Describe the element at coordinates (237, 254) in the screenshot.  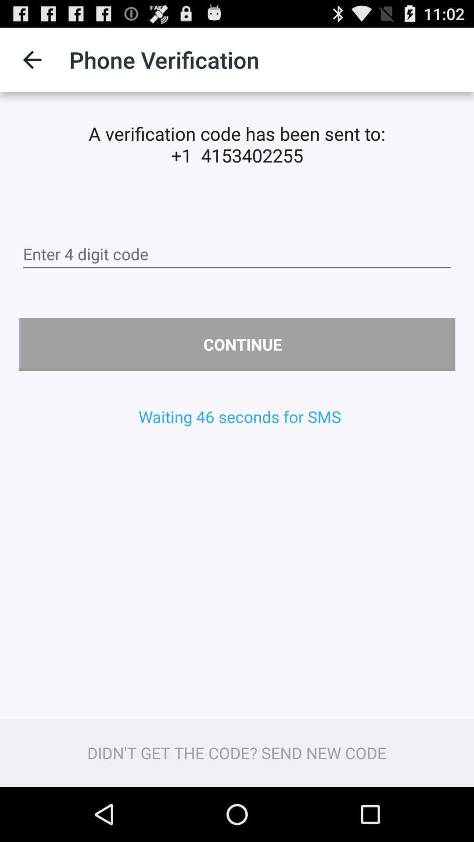
I see `the 4 digit security code` at that location.